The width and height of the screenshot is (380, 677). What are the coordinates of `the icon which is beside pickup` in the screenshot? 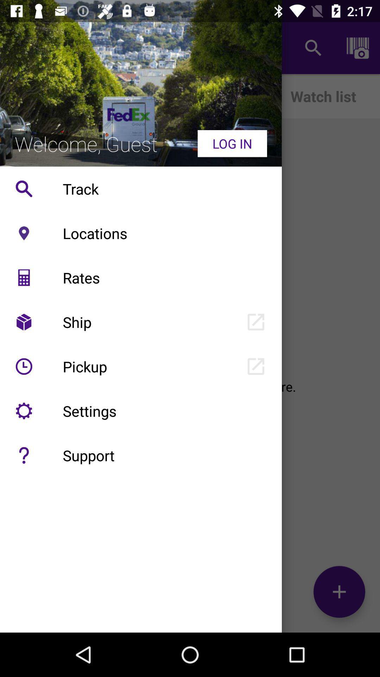 It's located at (24, 366).